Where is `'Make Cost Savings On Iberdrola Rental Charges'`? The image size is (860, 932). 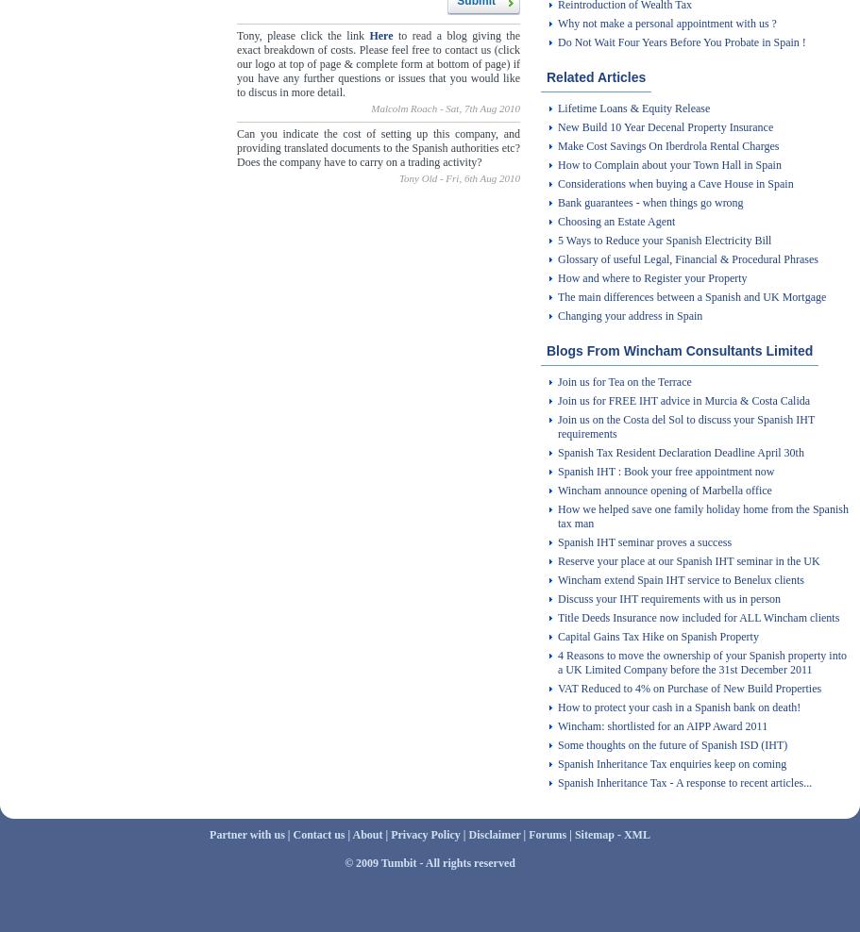 'Make Cost Savings On Iberdrola Rental Charges' is located at coordinates (668, 145).